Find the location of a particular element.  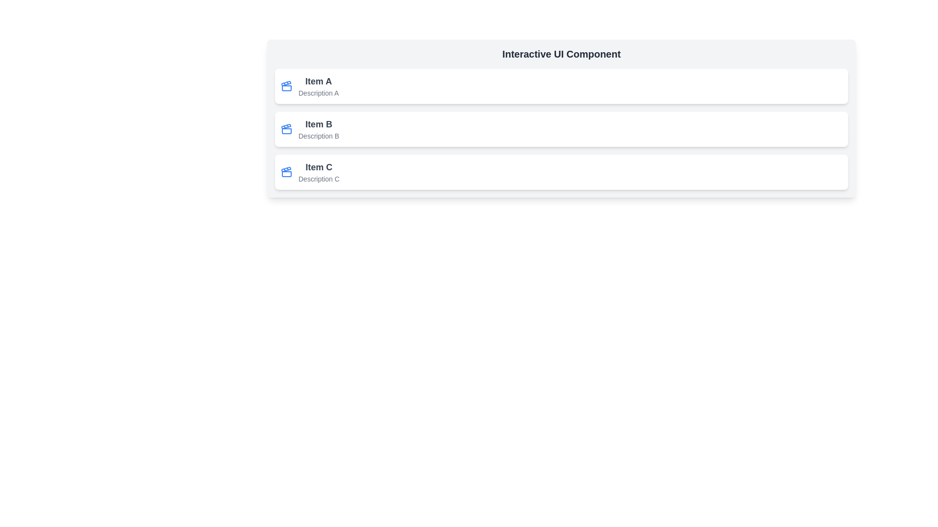

the decorative vector element of the clapperboard icon, which is positioned in the top region of the icon displayed in blue color at the far left of the 'Item B' section in the list is located at coordinates (286, 126).